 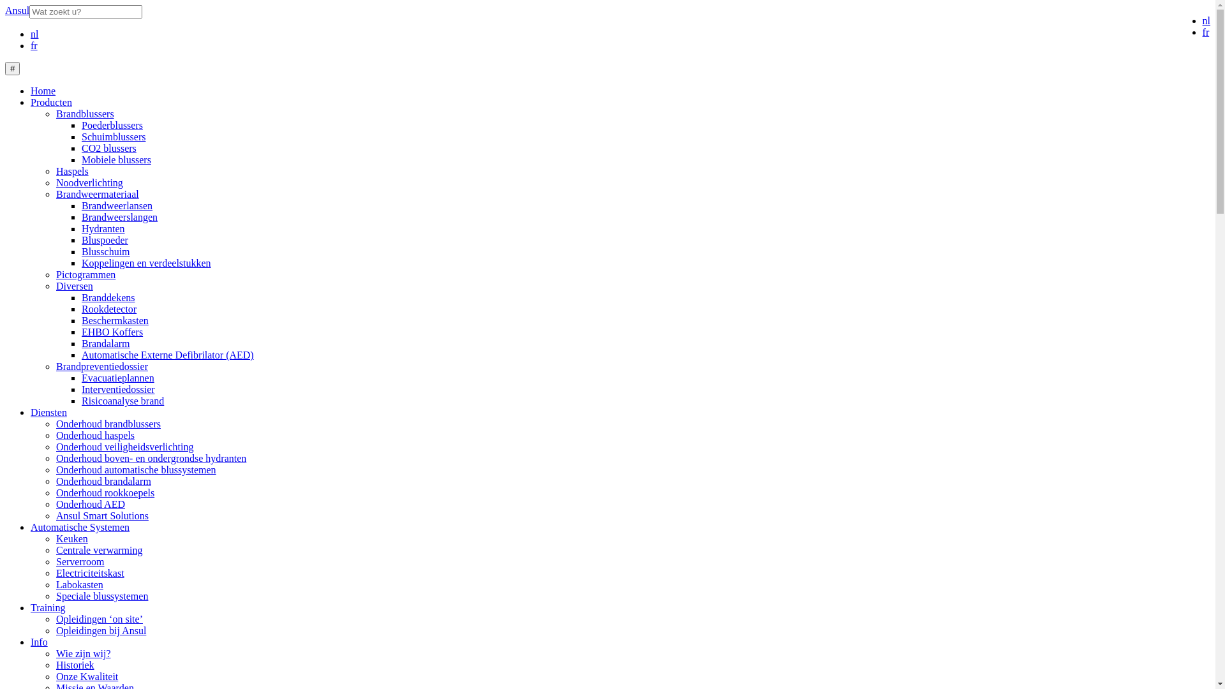 I want to click on 'Schuimblussers', so click(x=81, y=137).